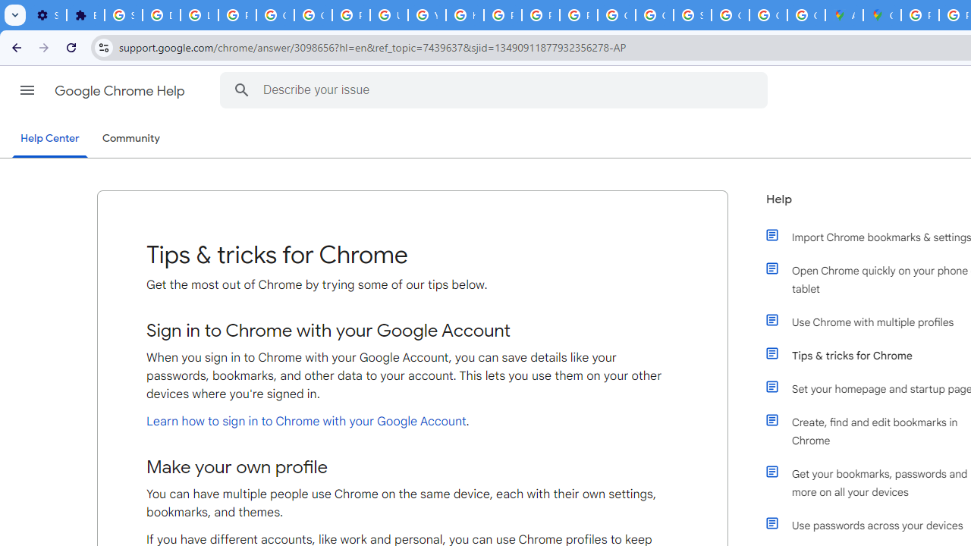 This screenshot has width=971, height=546. I want to click on 'Google Account Help', so click(275, 15).